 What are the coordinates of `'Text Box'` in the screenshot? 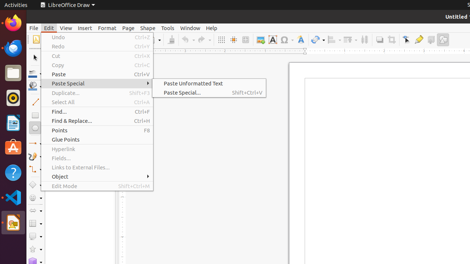 It's located at (272, 40).